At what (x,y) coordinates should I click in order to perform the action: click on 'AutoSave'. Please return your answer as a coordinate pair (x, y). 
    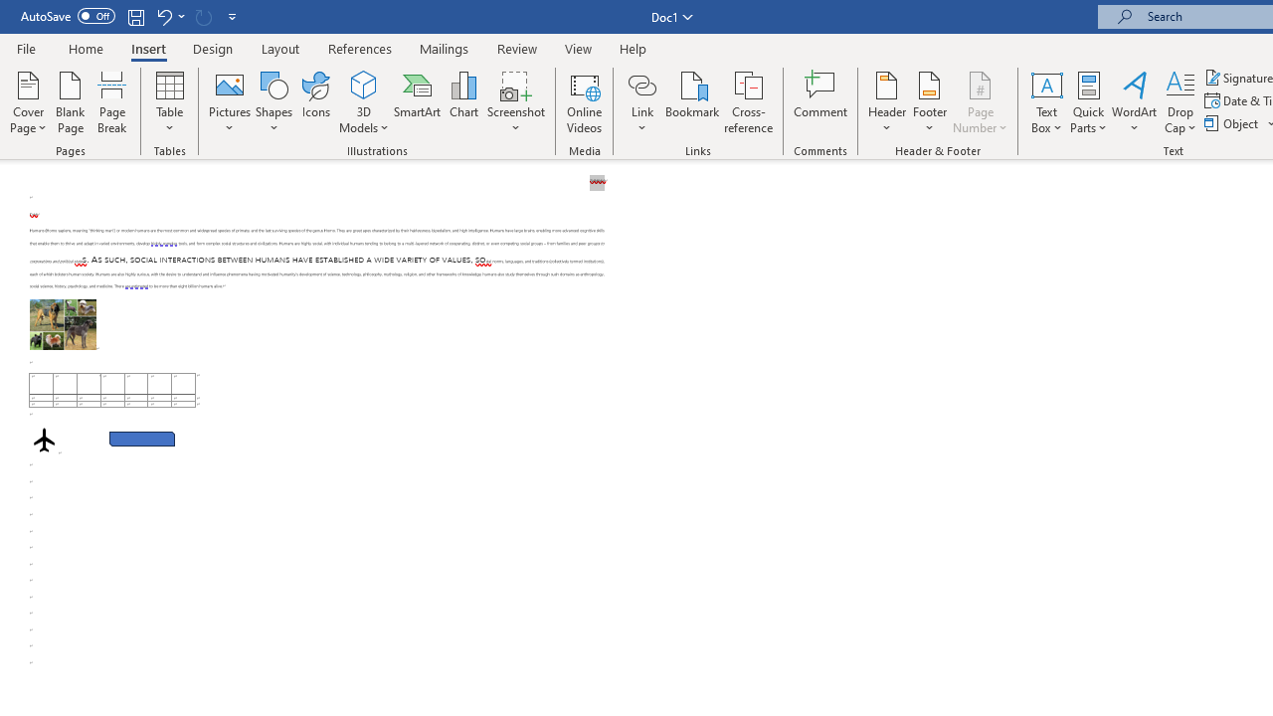
    Looking at the image, I should click on (68, 16).